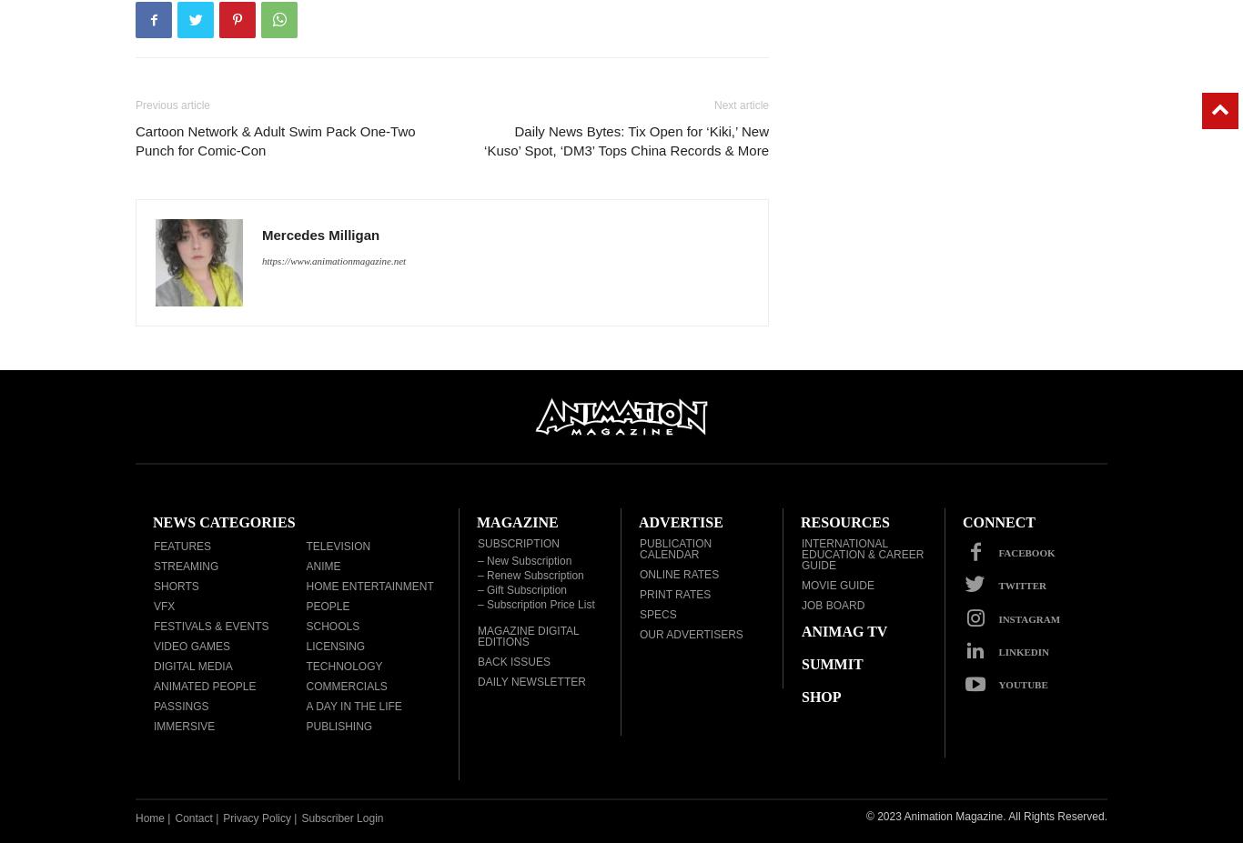  What do you see at coordinates (477, 635) in the screenshot?
I see `'Magazine Digital Editions'` at bounding box center [477, 635].